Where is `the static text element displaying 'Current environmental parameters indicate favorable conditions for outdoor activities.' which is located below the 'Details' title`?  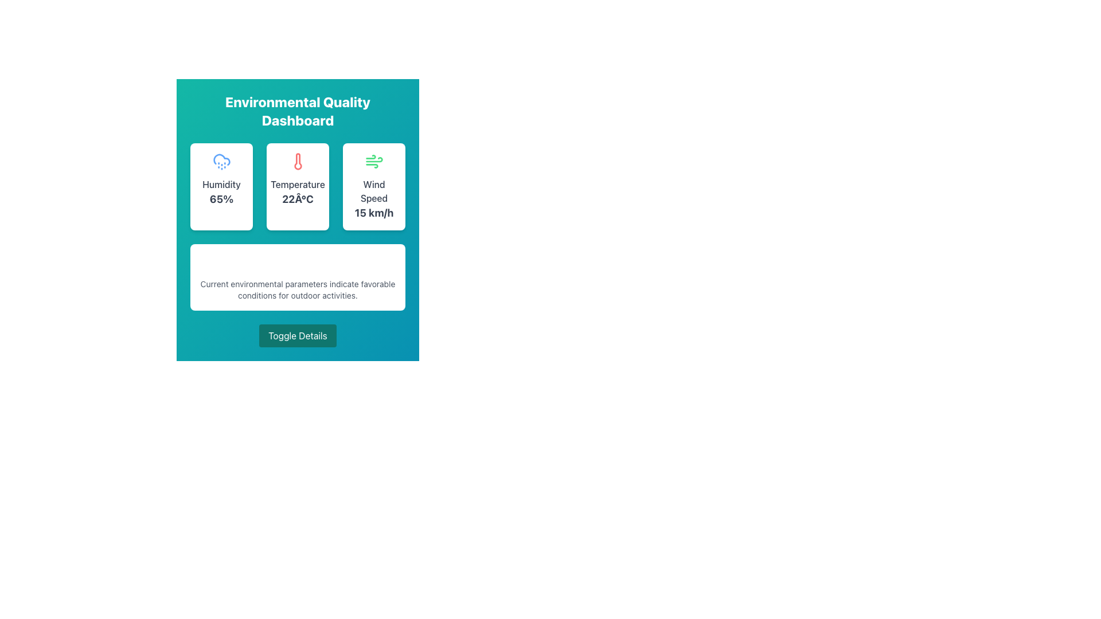
the static text element displaying 'Current environmental parameters indicate favorable conditions for outdoor activities.' which is located below the 'Details' title is located at coordinates (298, 289).